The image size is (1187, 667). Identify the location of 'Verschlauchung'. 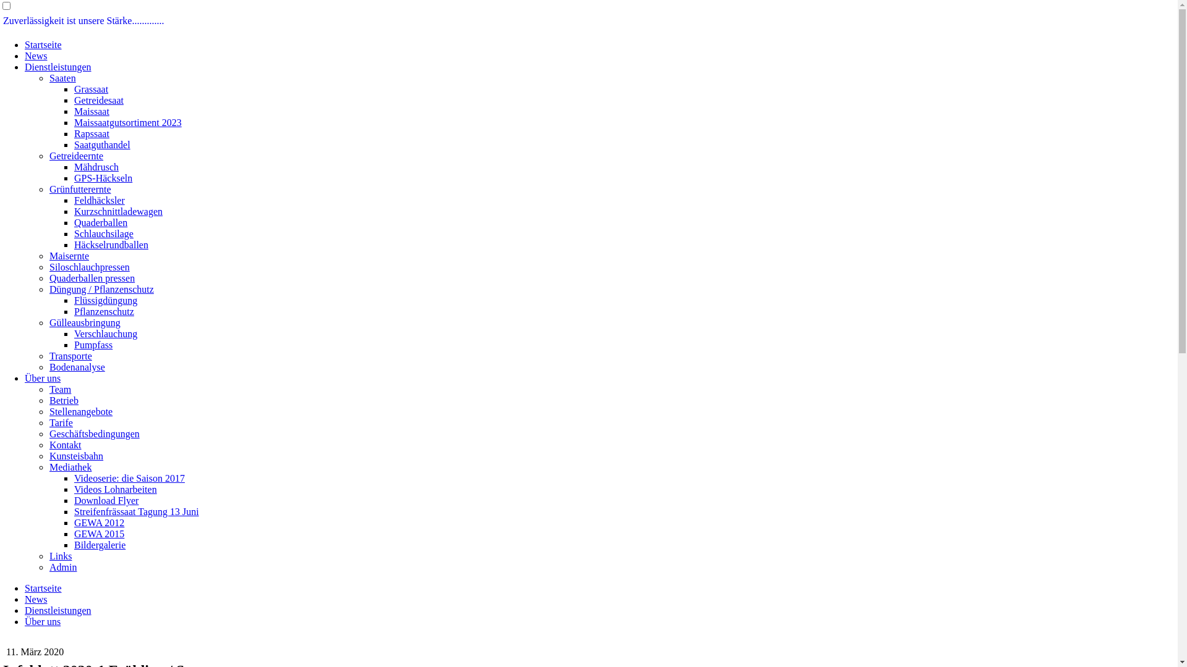
(106, 333).